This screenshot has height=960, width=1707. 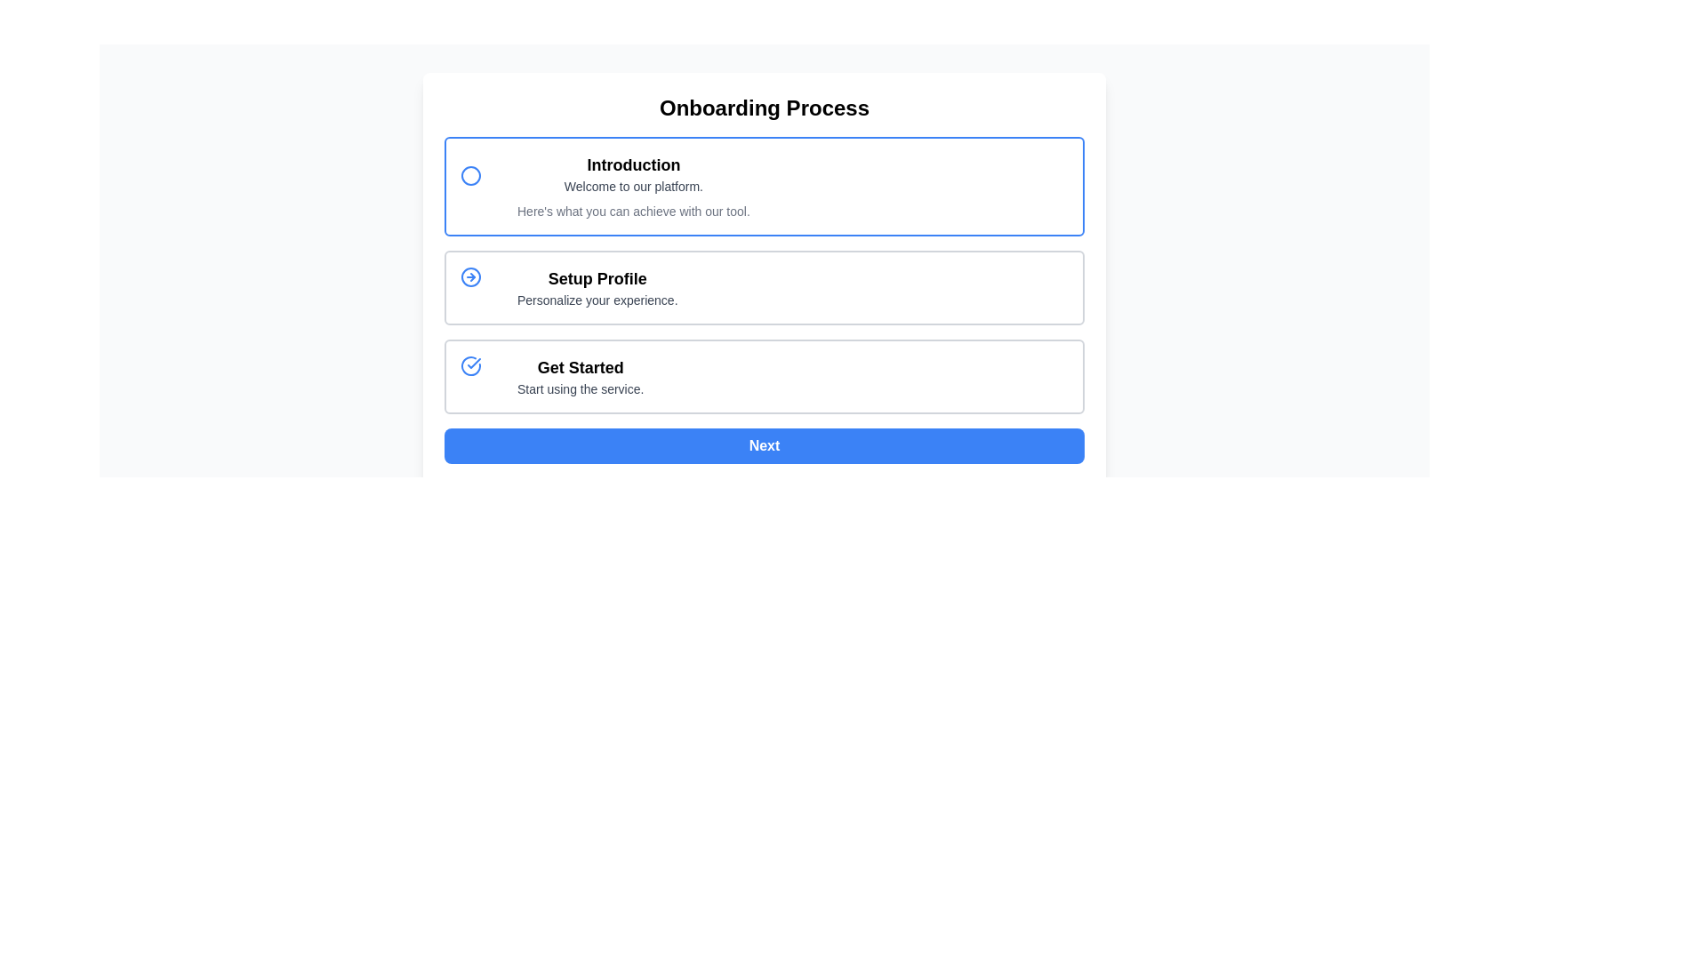 What do you see at coordinates (470, 175) in the screenshot?
I see `the decorative circular SVG graphic symbol located in the upper-left corner of the 'Introduction' section, which is part of the onboarding process card` at bounding box center [470, 175].